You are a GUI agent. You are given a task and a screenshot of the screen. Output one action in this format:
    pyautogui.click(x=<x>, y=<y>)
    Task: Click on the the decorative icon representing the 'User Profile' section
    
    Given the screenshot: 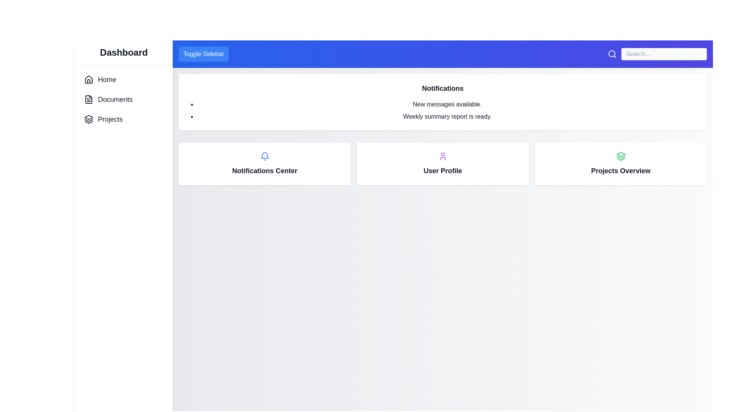 What is the action you would take?
    pyautogui.click(x=443, y=156)
    